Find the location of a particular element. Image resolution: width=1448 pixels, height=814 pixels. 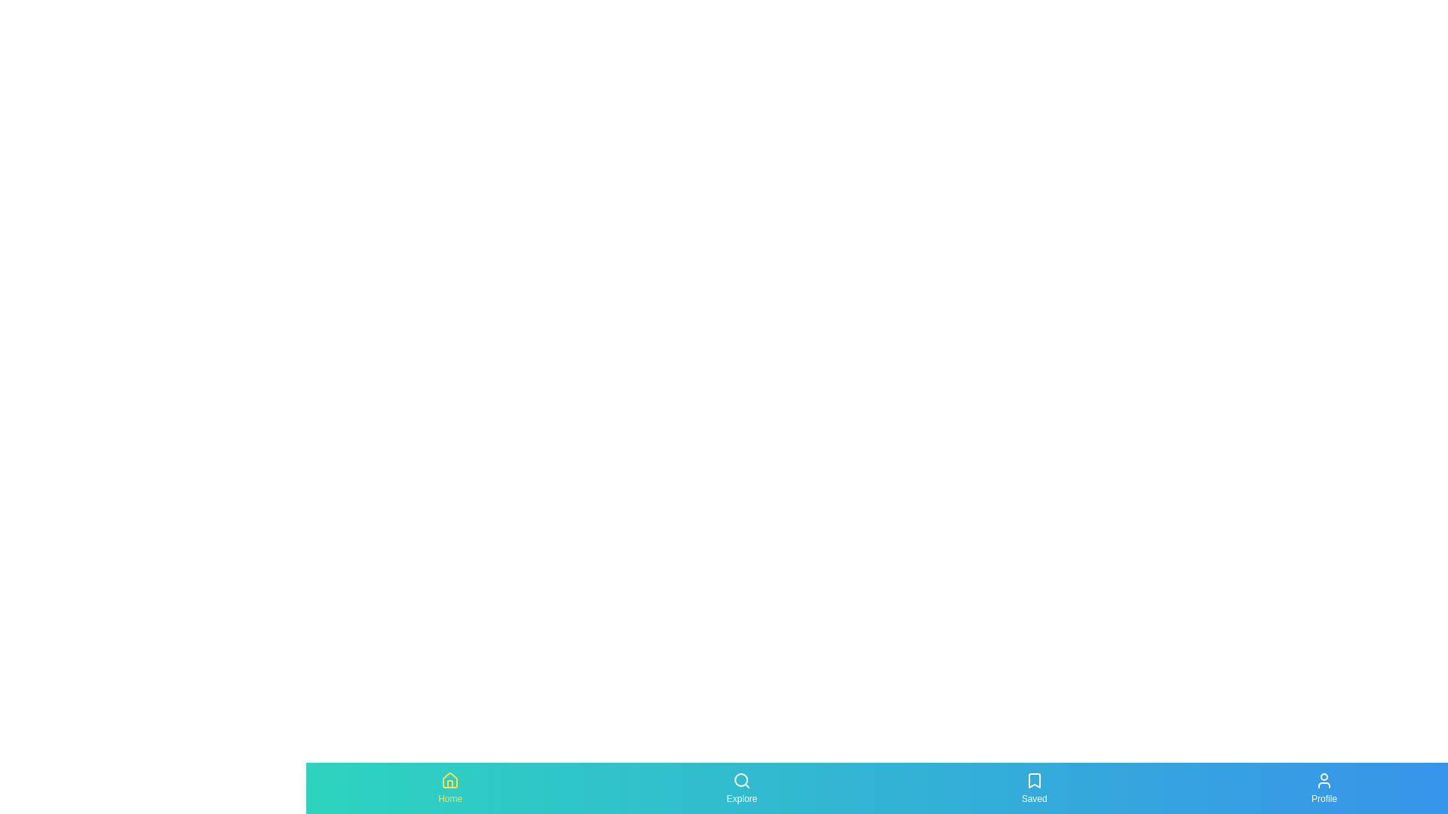

the tab labeled Saved by clicking on its icon or label is located at coordinates (1033, 787).